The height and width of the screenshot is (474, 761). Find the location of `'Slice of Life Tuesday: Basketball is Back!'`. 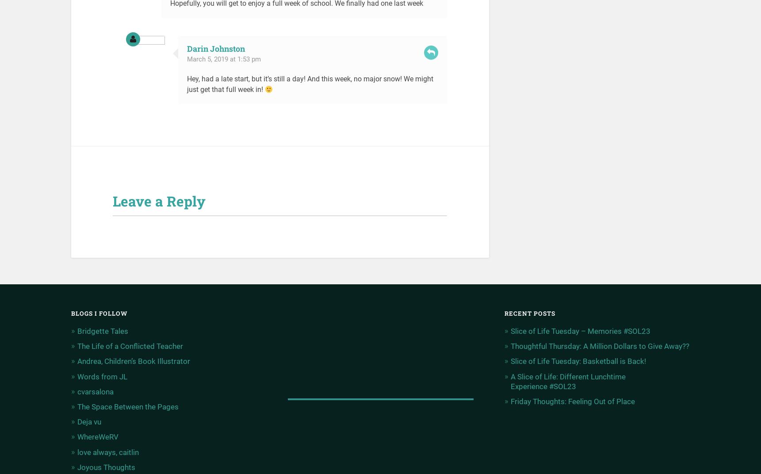

'Slice of Life Tuesday: Basketball is Back!' is located at coordinates (577, 360).